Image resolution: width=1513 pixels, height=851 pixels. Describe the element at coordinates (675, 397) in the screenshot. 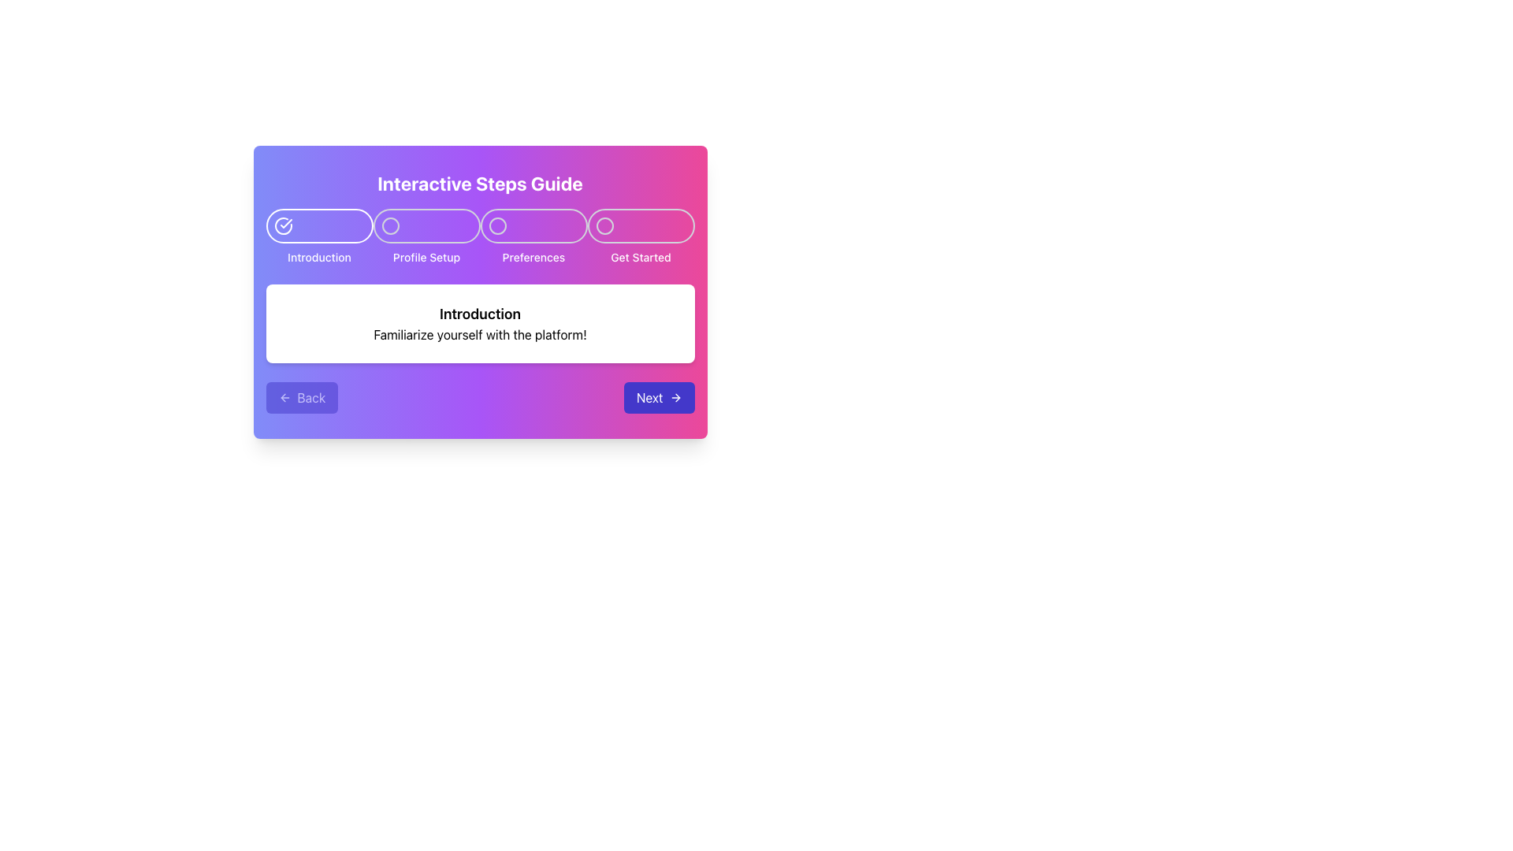

I see `the 'Next' button which contains a rightward arrow icon at its rightmost end` at that location.